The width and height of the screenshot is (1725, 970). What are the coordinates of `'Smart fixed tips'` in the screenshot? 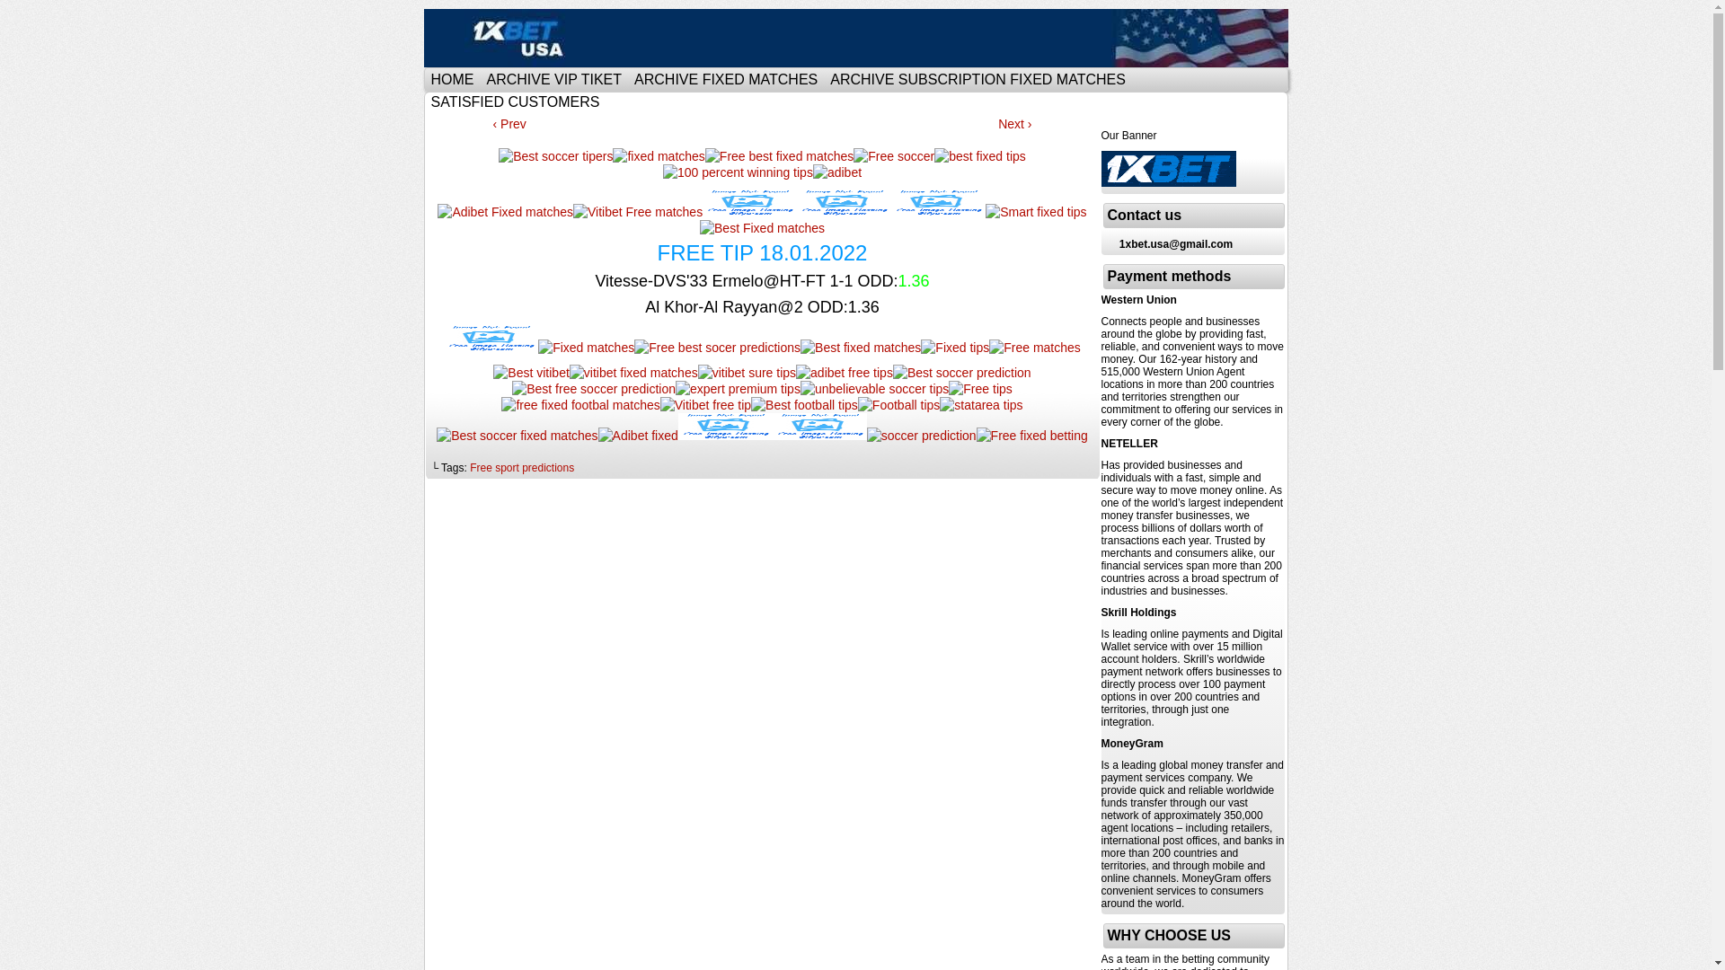 It's located at (1035, 210).